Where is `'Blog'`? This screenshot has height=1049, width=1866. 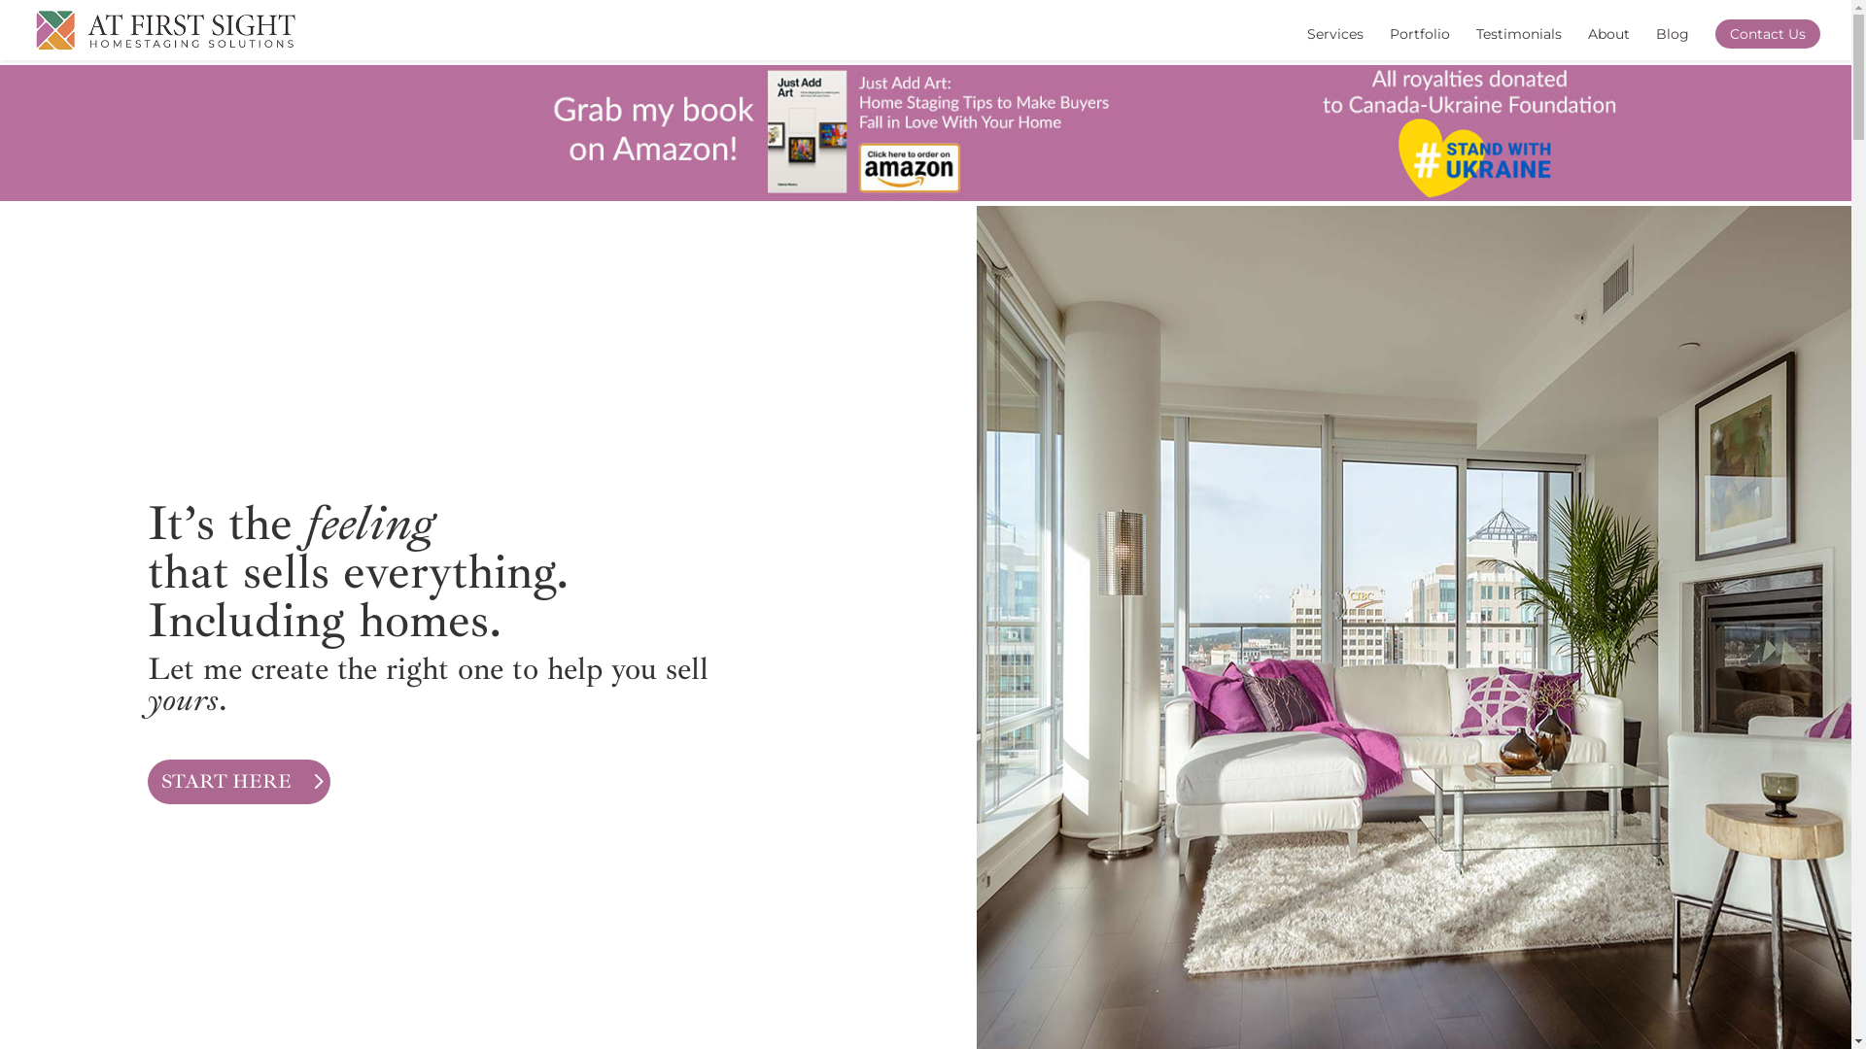 'Blog' is located at coordinates (1655, 44).